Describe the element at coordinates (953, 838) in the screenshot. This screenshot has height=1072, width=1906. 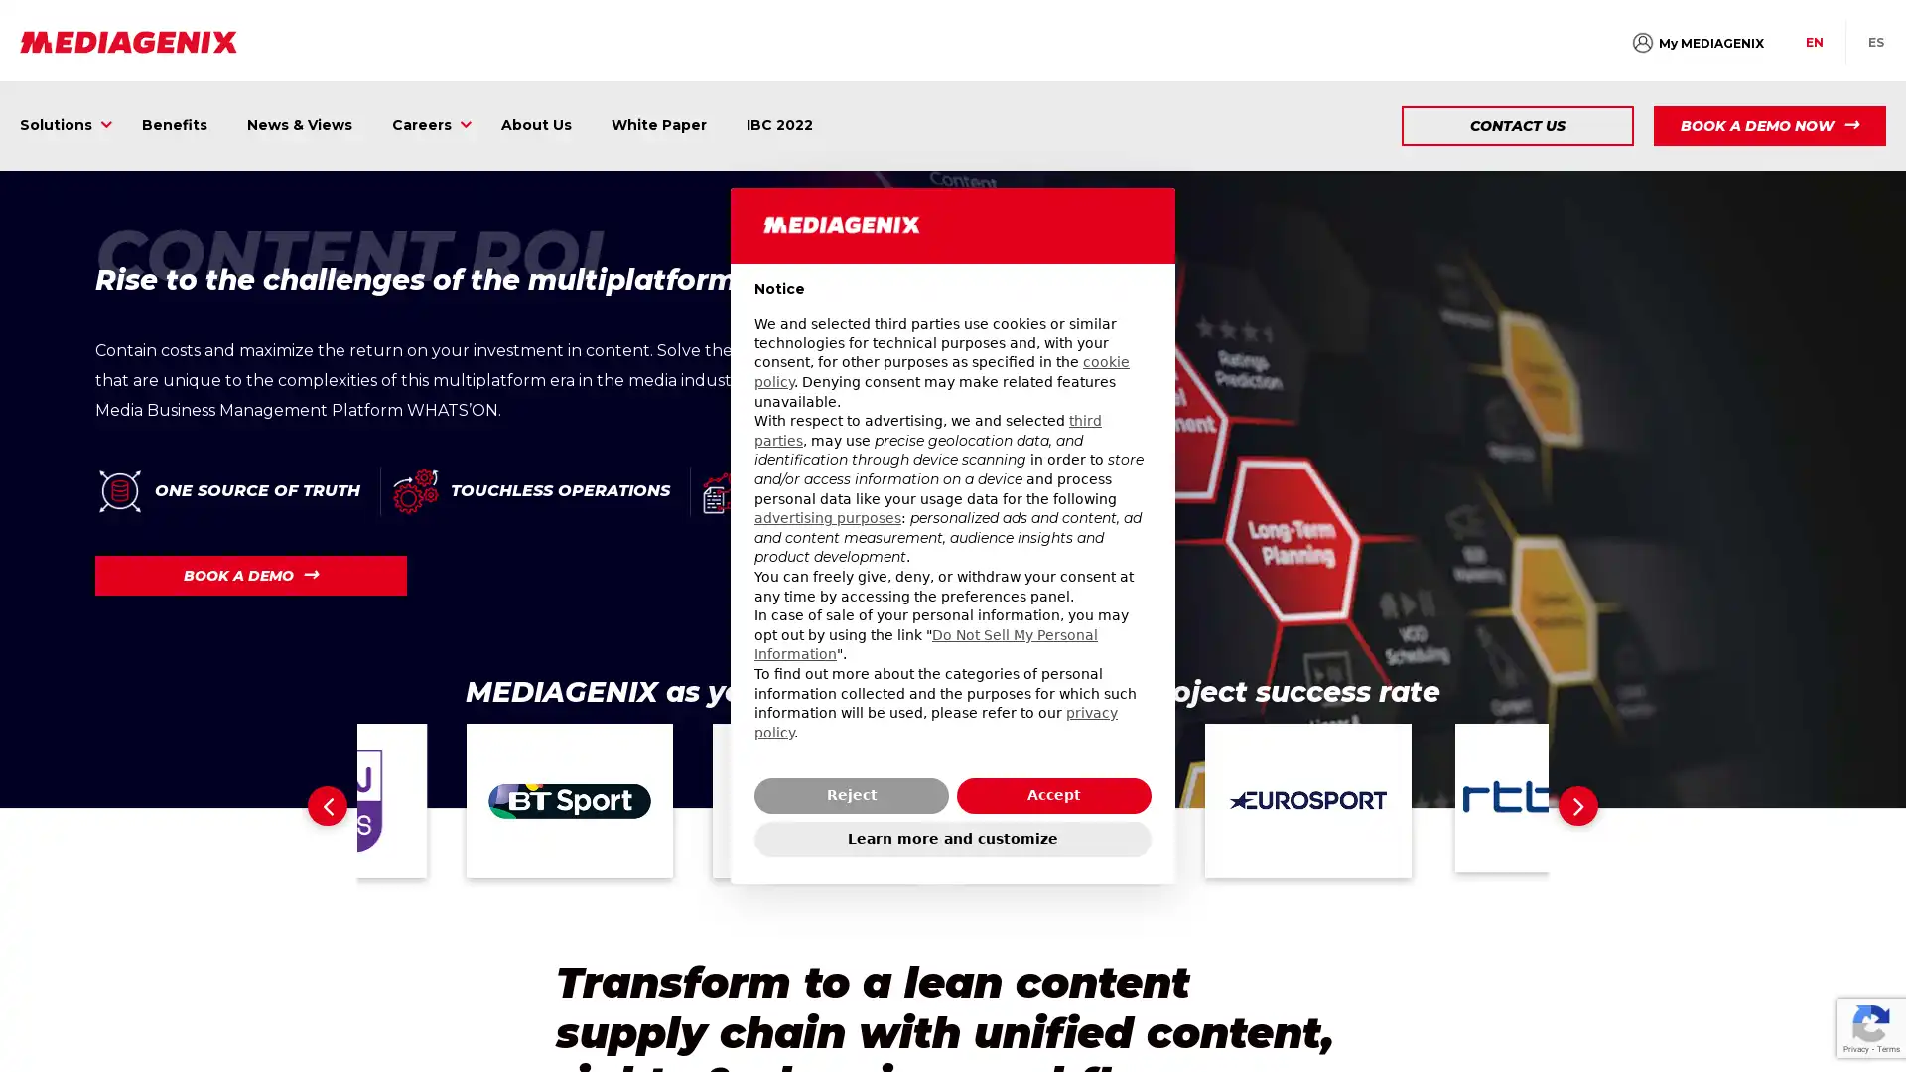
I see `Learn more and customize` at that location.